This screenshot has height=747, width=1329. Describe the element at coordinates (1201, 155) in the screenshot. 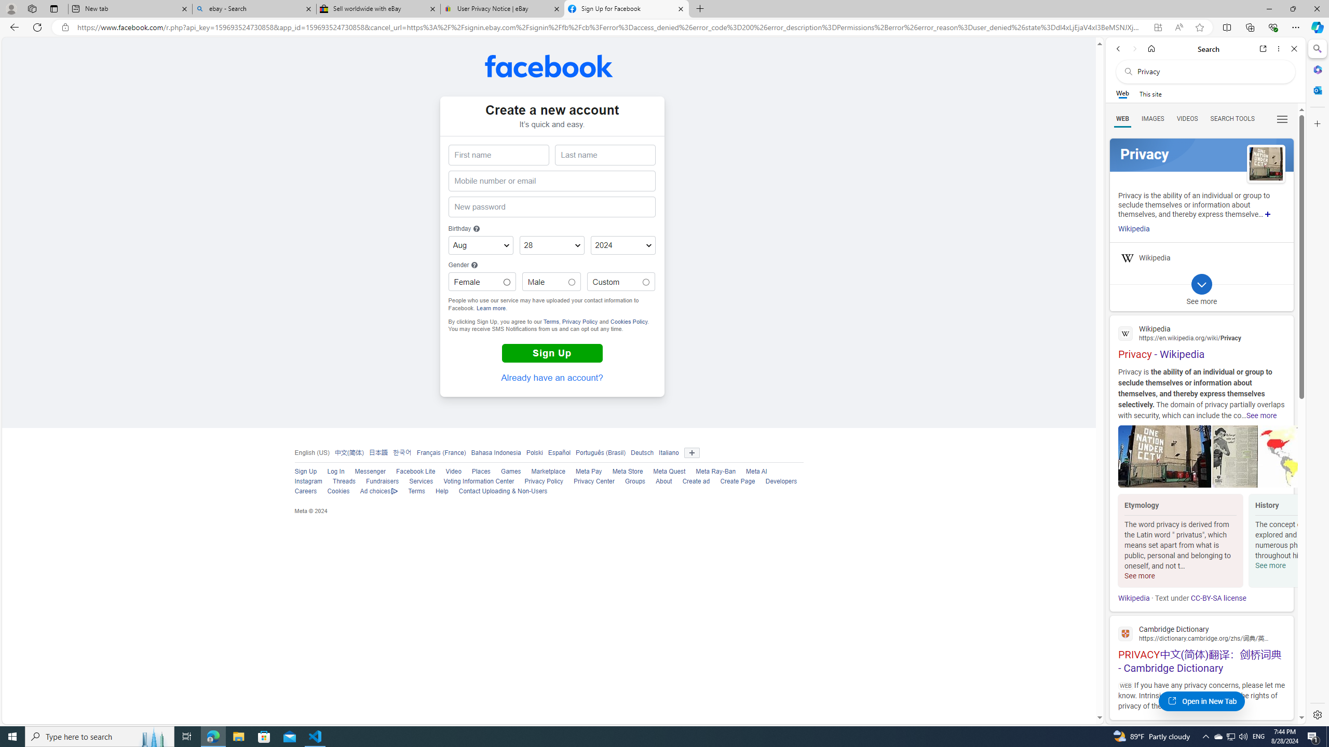

I see `'Class: spl_logobg'` at that location.